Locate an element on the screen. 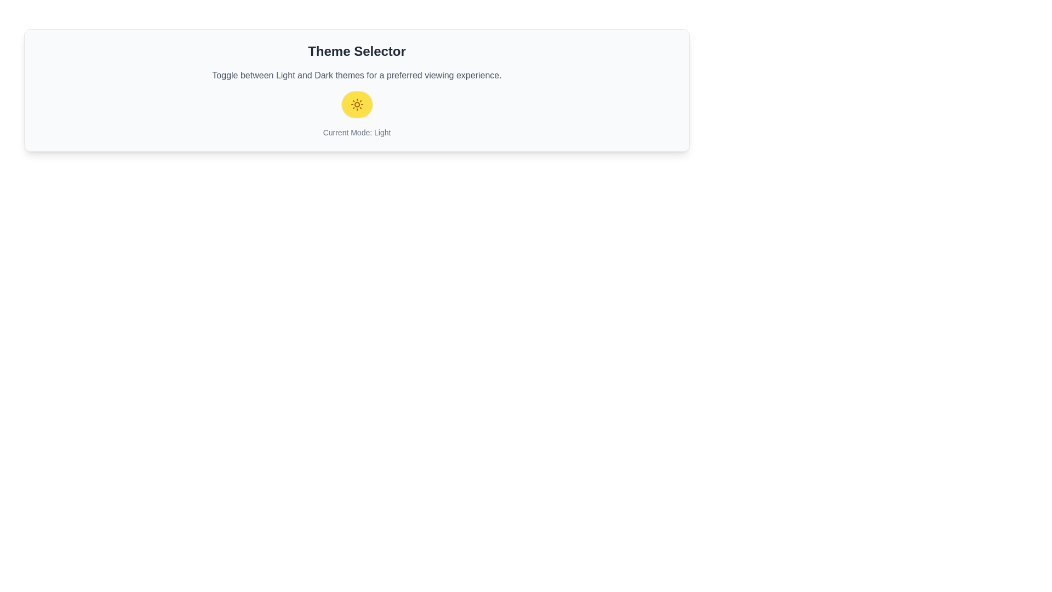 The image size is (1052, 592). the 'Light Mode' icon in the theme selector interface, which represents daylight and is centrally positioned in the card labeled 'Theme Selector' is located at coordinates (357, 105).